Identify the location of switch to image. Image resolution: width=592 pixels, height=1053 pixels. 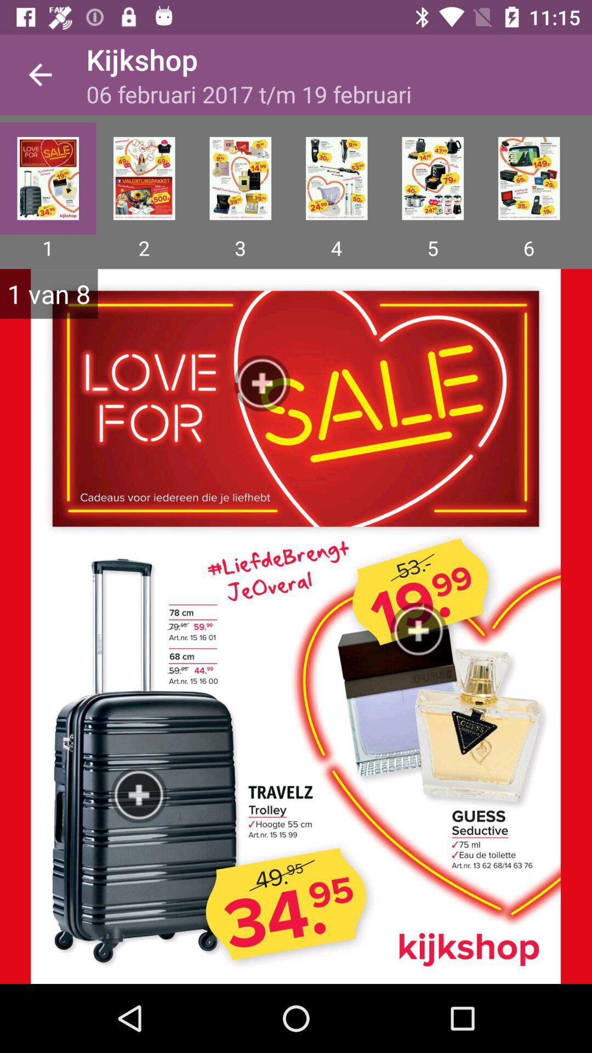
(240, 178).